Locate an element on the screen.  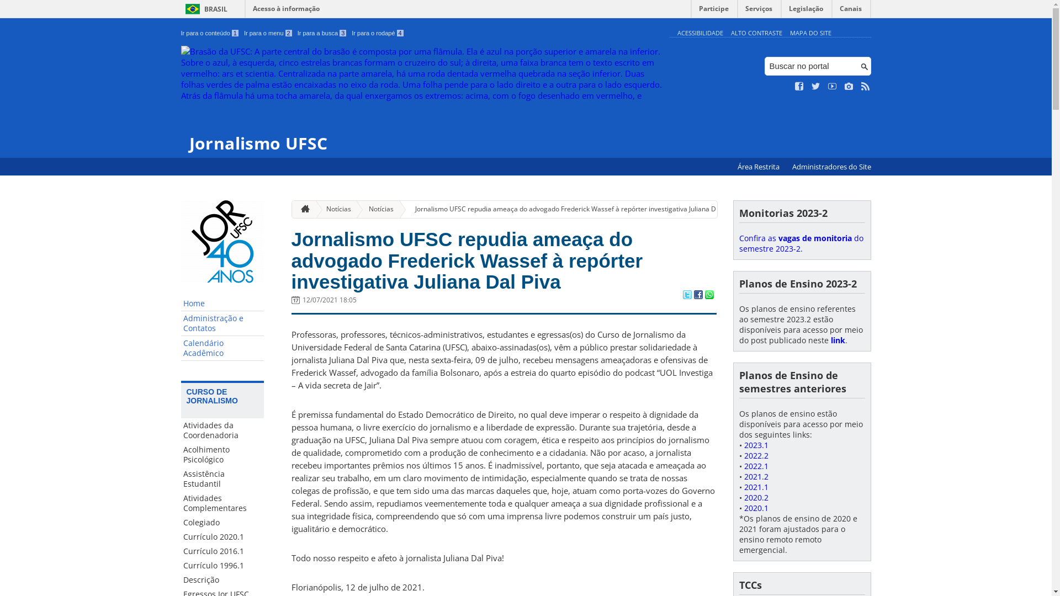
'BRASIL' is located at coordinates (204, 9).